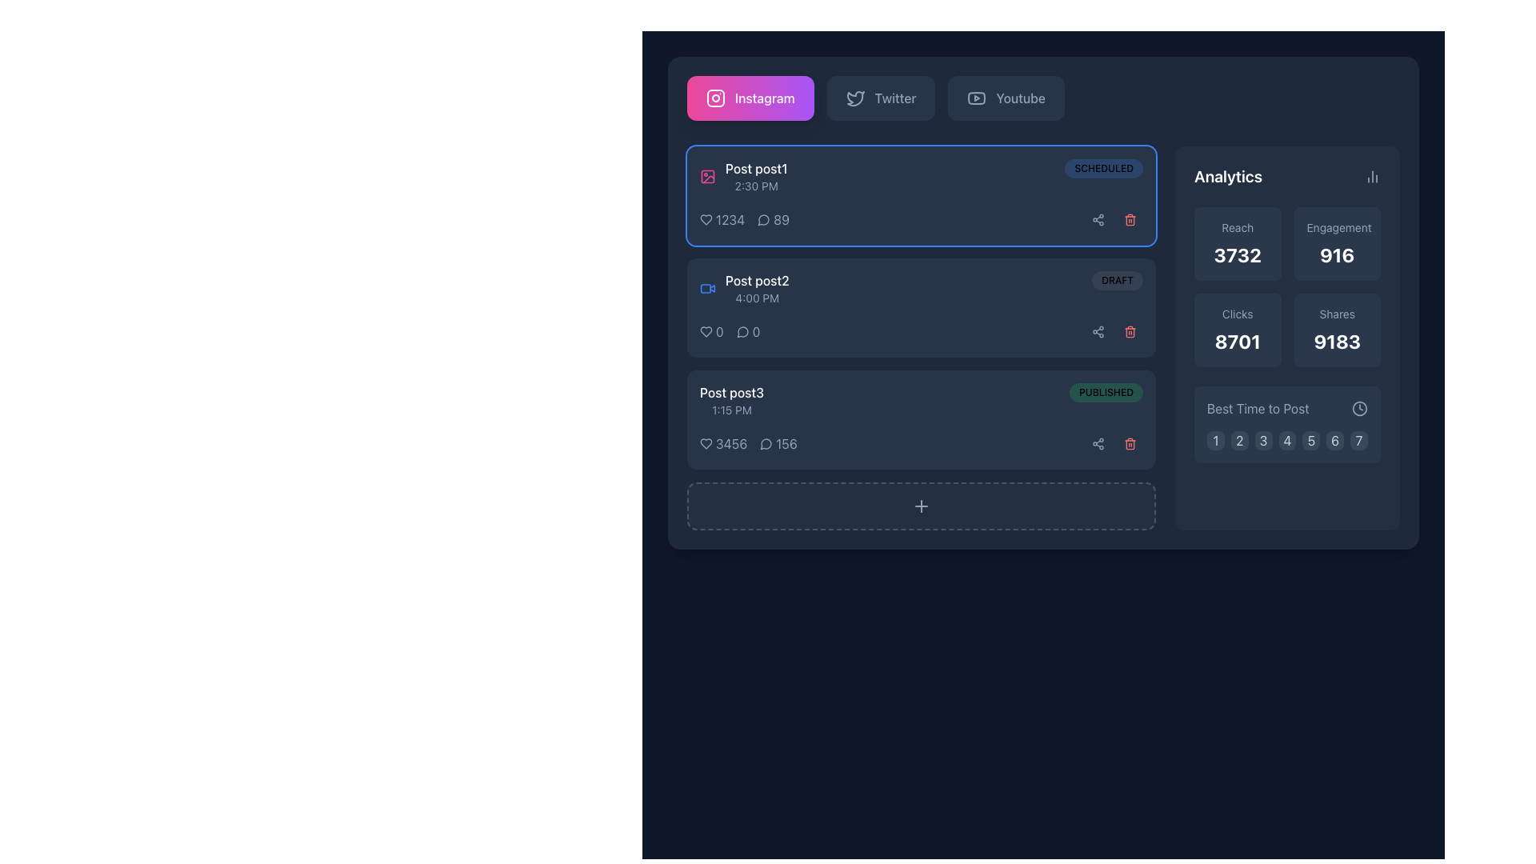 Image resolution: width=1536 pixels, height=864 pixels. What do you see at coordinates (750, 98) in the screenshot?
I see `the gradient button labeled 'Instagram' featuring the Instagram logo` at bounding box center [750, 98].